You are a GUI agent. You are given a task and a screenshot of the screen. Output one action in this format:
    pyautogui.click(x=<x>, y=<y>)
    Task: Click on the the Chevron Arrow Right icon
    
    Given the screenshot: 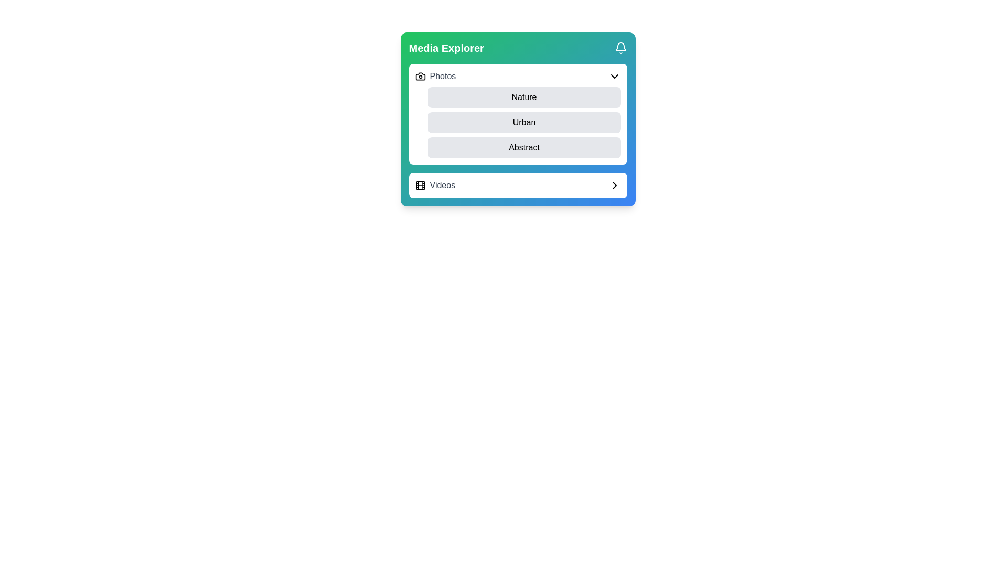 What is the action you would take?
    pyautogui.click(x=614, y=185)
    